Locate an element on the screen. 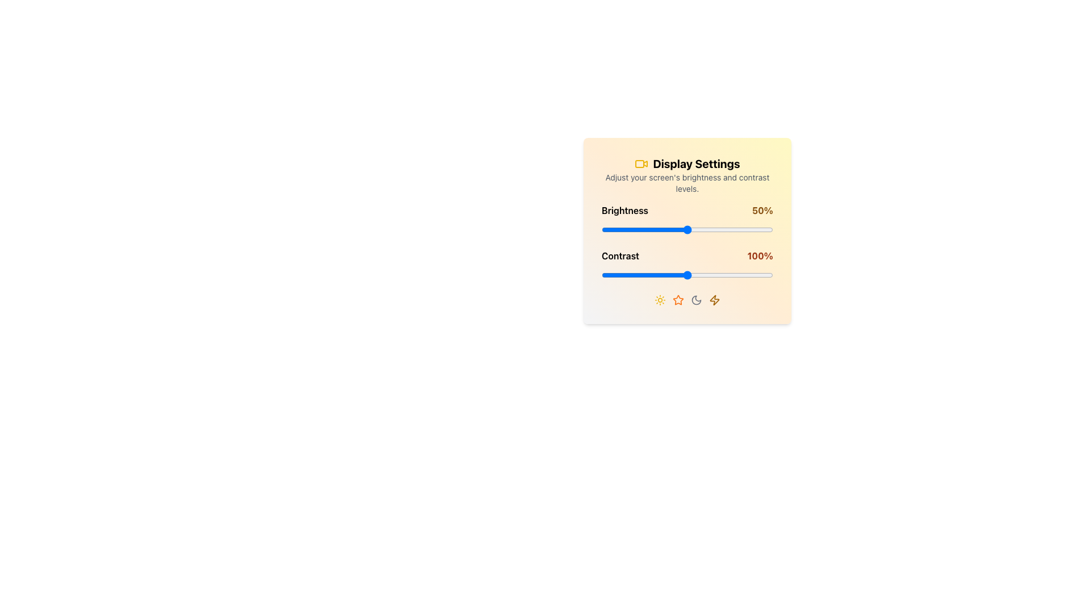 This screenshot has height=613, width=1090. the brightness is located at coordinates (606, 230).